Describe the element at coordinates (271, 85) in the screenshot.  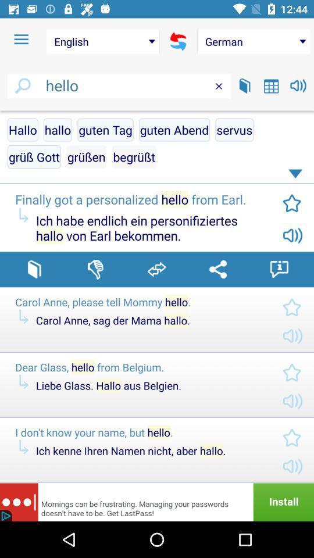
I see `open dates` at that location.